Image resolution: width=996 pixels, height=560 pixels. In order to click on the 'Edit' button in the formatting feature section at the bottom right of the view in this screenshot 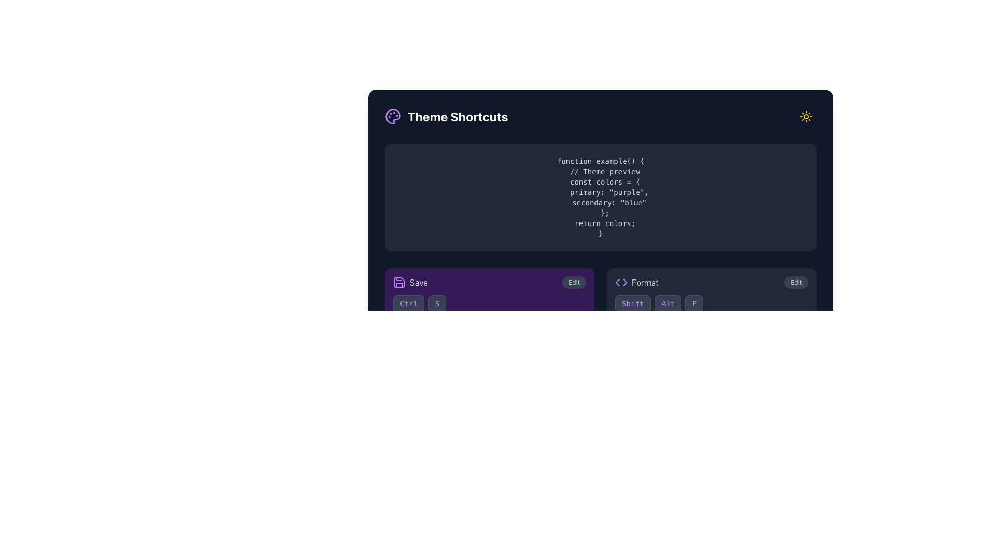, I will do `click(711, 282)`.